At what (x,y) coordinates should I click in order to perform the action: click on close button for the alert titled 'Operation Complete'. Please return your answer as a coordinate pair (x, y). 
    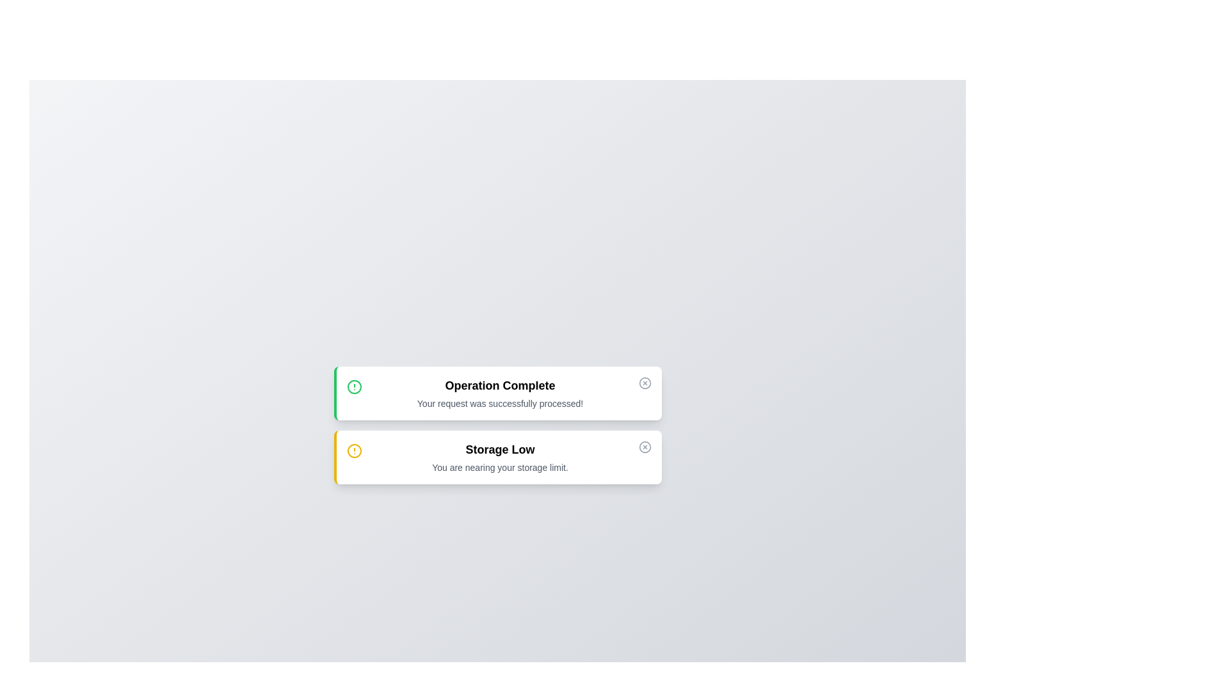
    Looking at the image, I should click on (645, 382).